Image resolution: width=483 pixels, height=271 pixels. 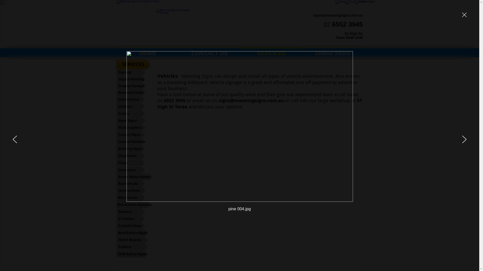 What do you see at coordinates (332, 51) in the screenshot?
I see `'Online Store'` at bounding box center [332, 51].